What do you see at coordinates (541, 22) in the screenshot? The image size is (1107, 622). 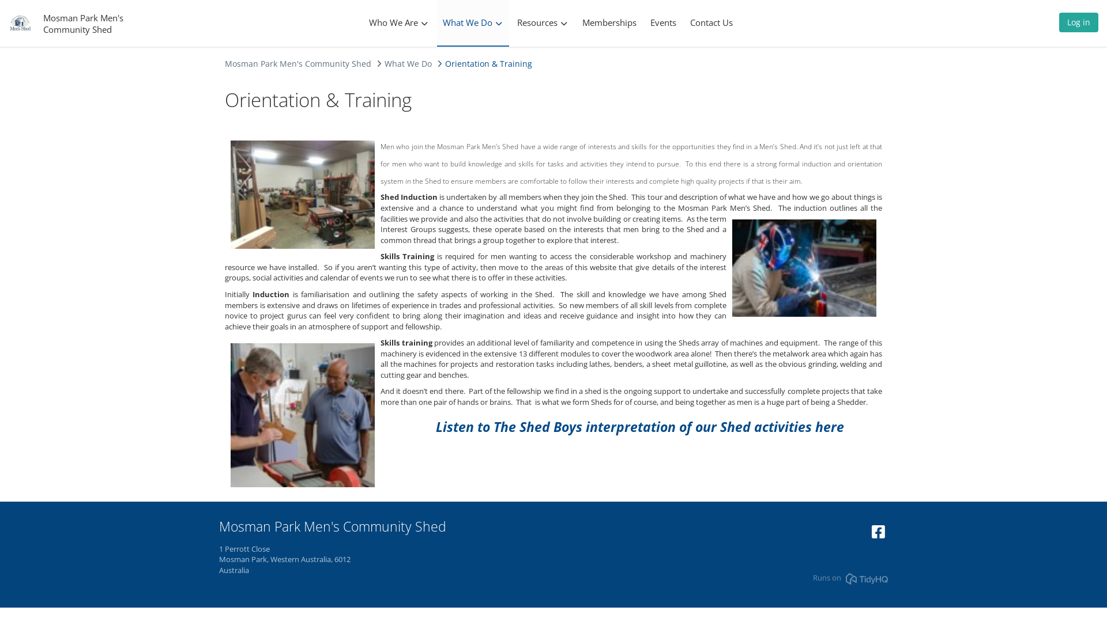 I see `'Resources'` at bounding box center [541, 22].